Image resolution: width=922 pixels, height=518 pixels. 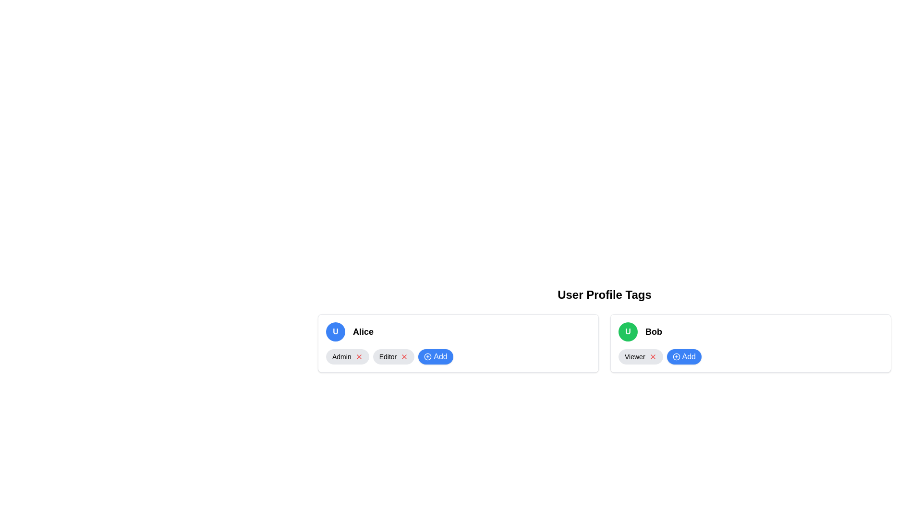 I want to click on the red cross icon on the 'Viewer' tag located under the green circular user icon labeled 'U' in the 'Bob' user profile section, so click(x=641, y=357).